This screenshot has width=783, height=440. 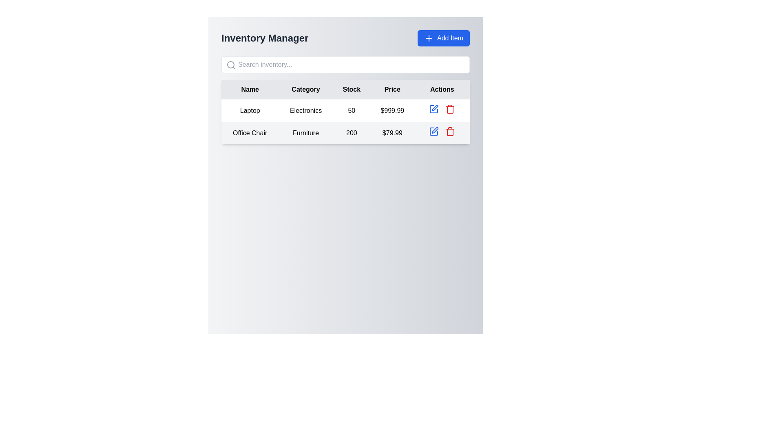 What do you see at coordinates (250, 89) in the screenshot?
I see `the 'Name' text label in the table header, which is the first column heading and styled in bold font` at bounding box center [250, 89].